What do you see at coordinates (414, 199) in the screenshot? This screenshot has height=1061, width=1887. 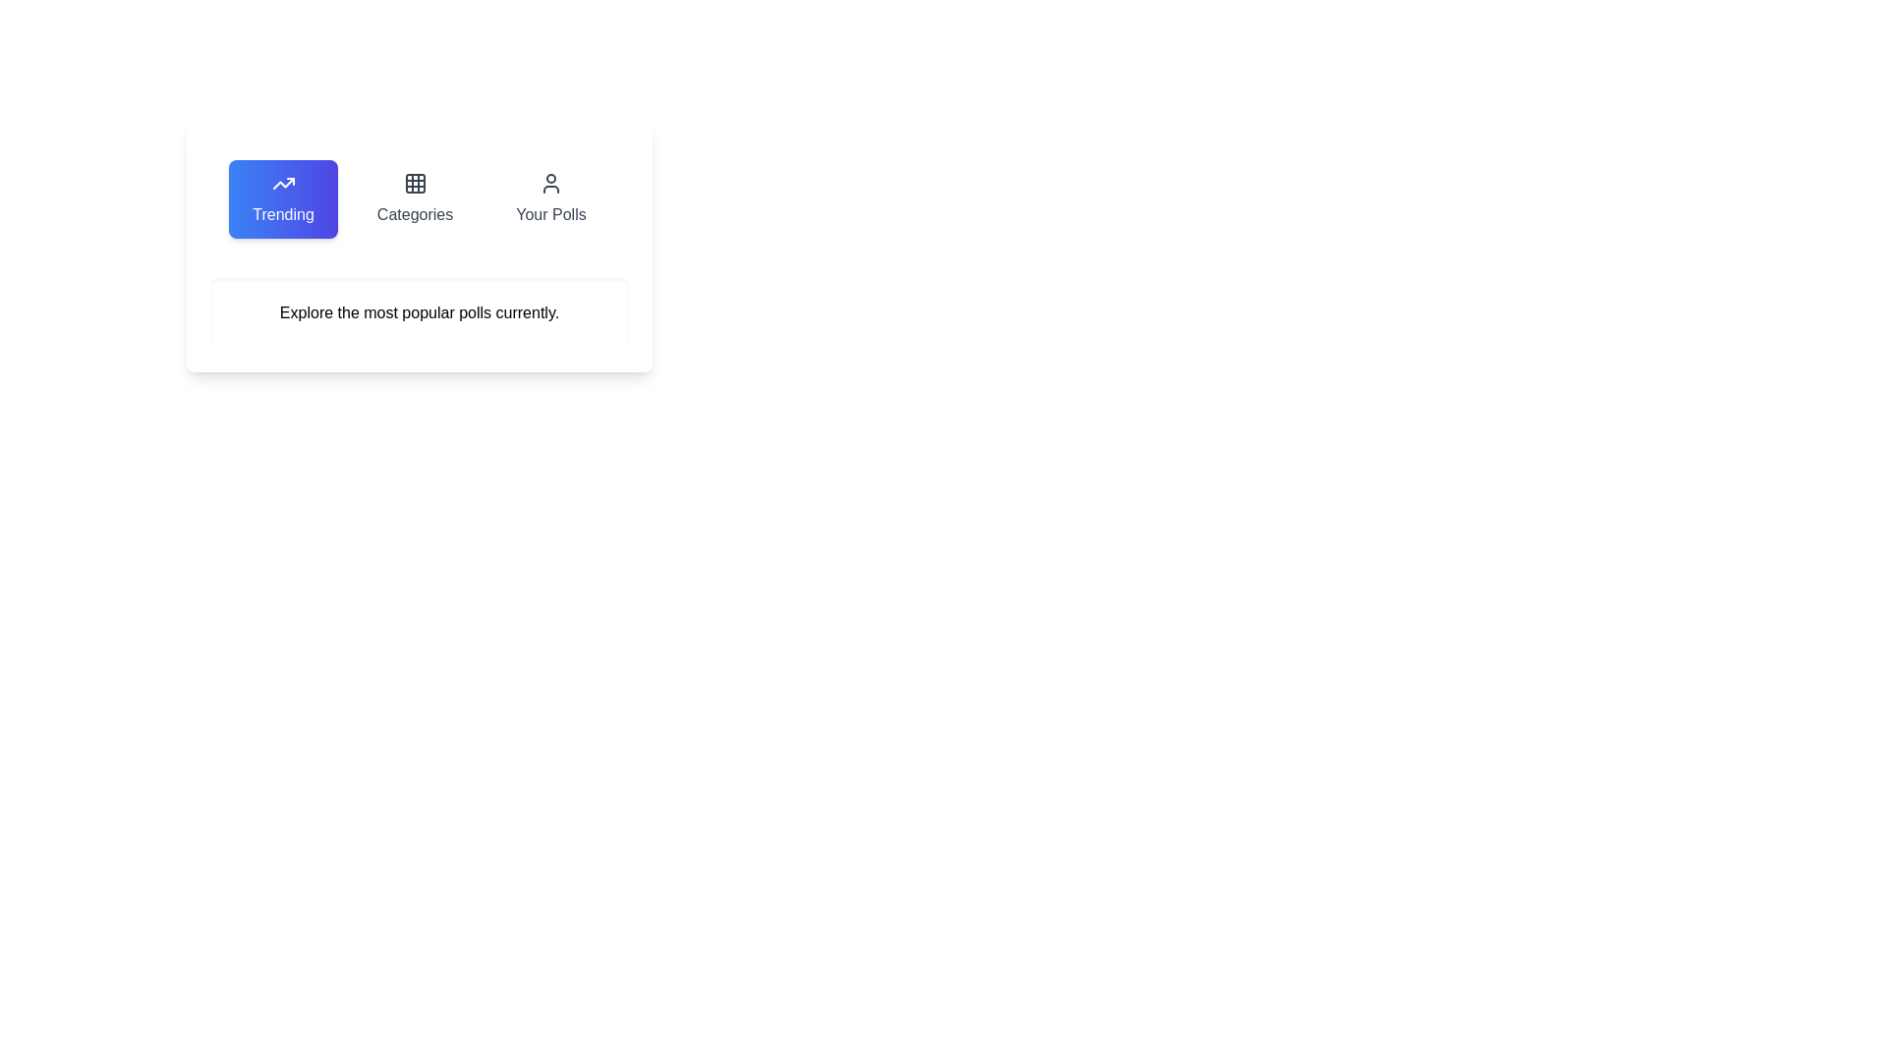 I see `the tab labeled Categories to view its hover effect` at bounding box center [414, 199].